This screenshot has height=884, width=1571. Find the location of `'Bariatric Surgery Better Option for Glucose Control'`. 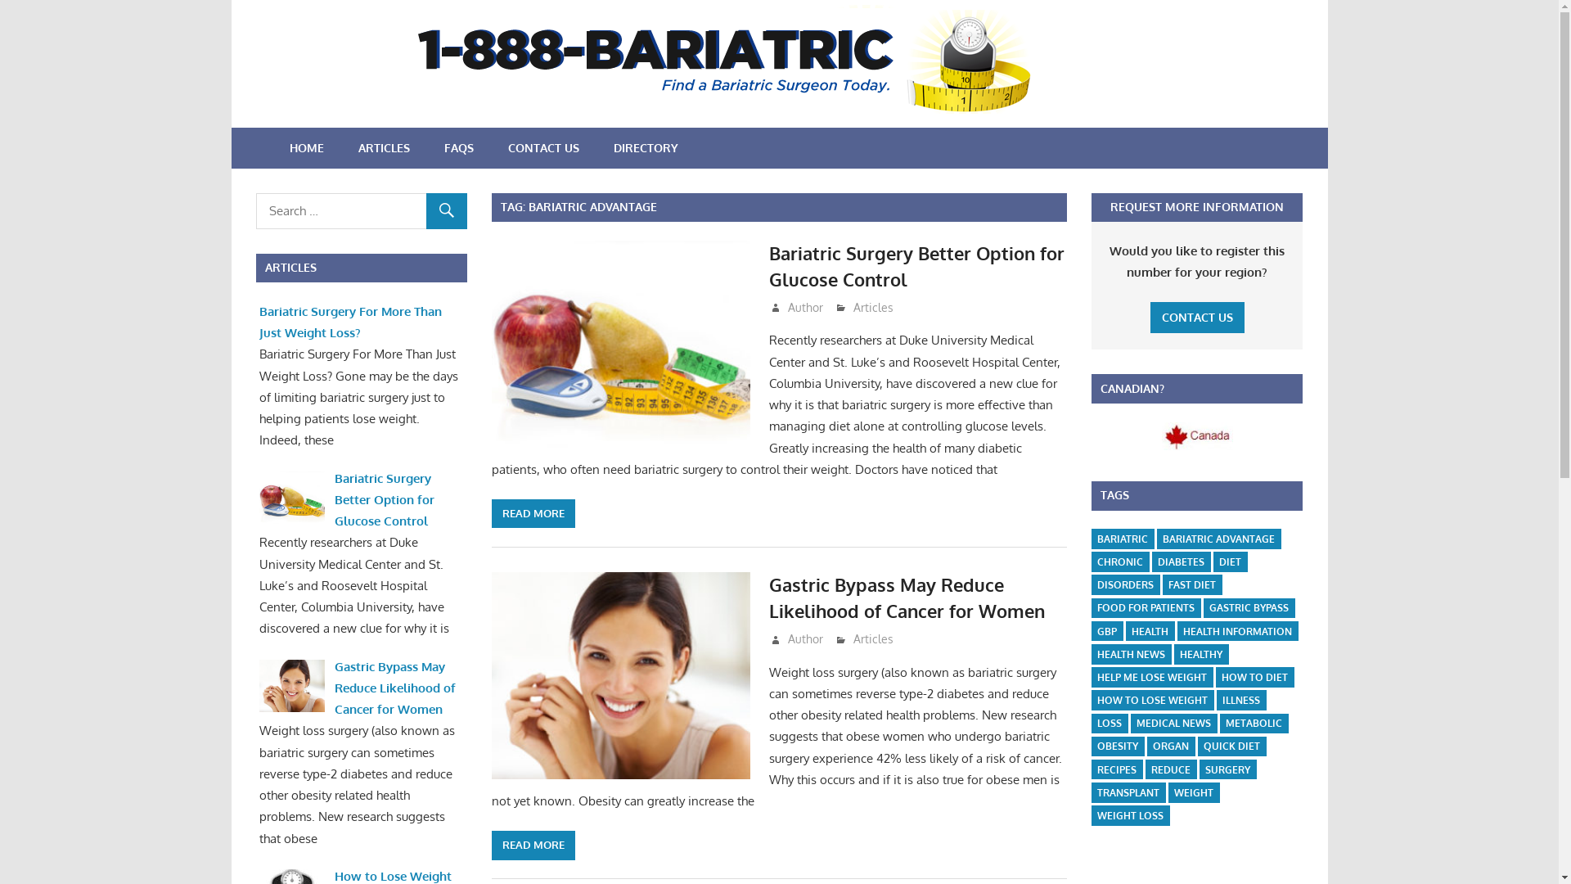

'Bariatric Surgery Better Option for Glucose Control' is located at coordinates (916, 264).